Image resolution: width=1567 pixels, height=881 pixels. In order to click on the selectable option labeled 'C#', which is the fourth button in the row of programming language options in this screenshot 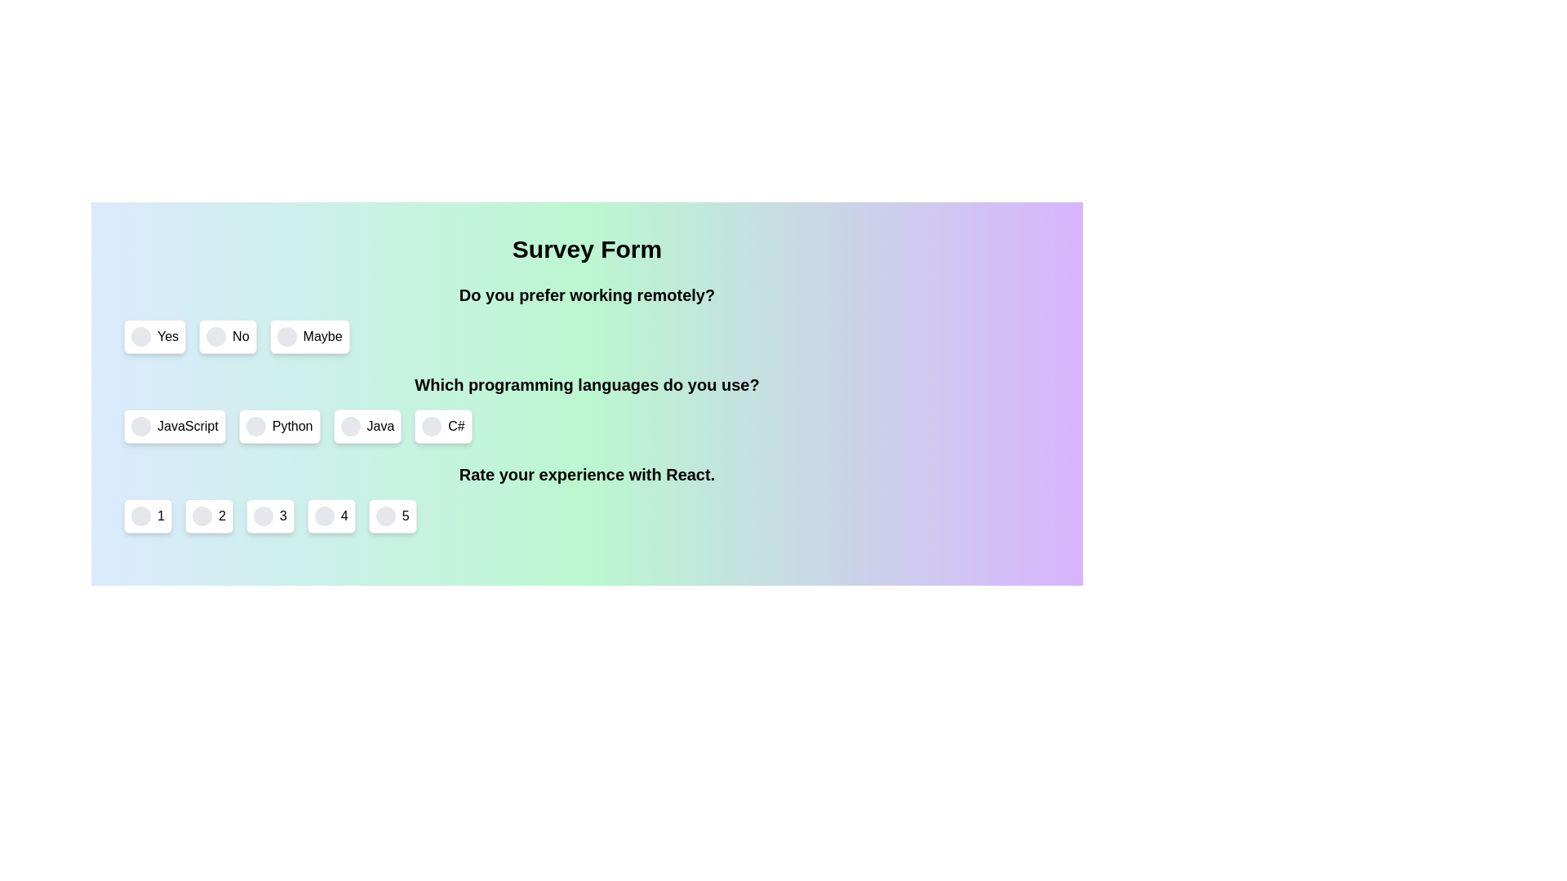, I will do `click(443, 426)`.